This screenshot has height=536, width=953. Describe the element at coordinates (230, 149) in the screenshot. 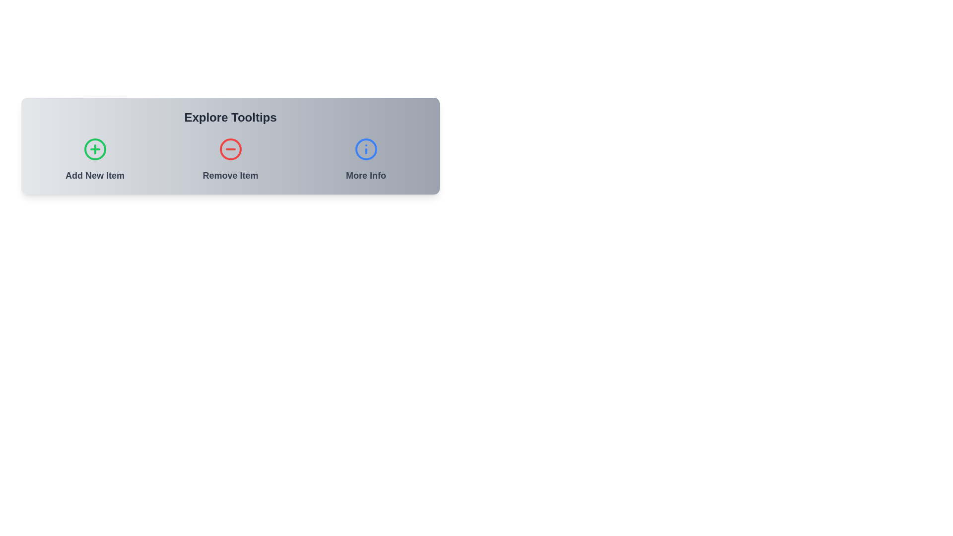

I see `the red 'Remove Item' icon located centrally between the 'Add New Item' icon and the 'More Info' icon` at that location.